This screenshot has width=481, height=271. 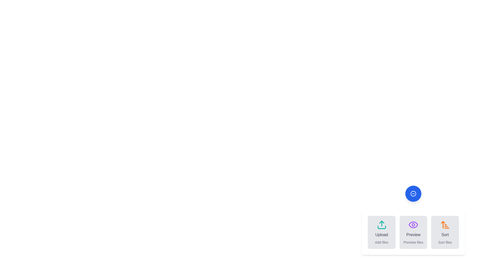 I want to click on the blue circular button to toggle the main menu visibility, so click(x=413, y=193).